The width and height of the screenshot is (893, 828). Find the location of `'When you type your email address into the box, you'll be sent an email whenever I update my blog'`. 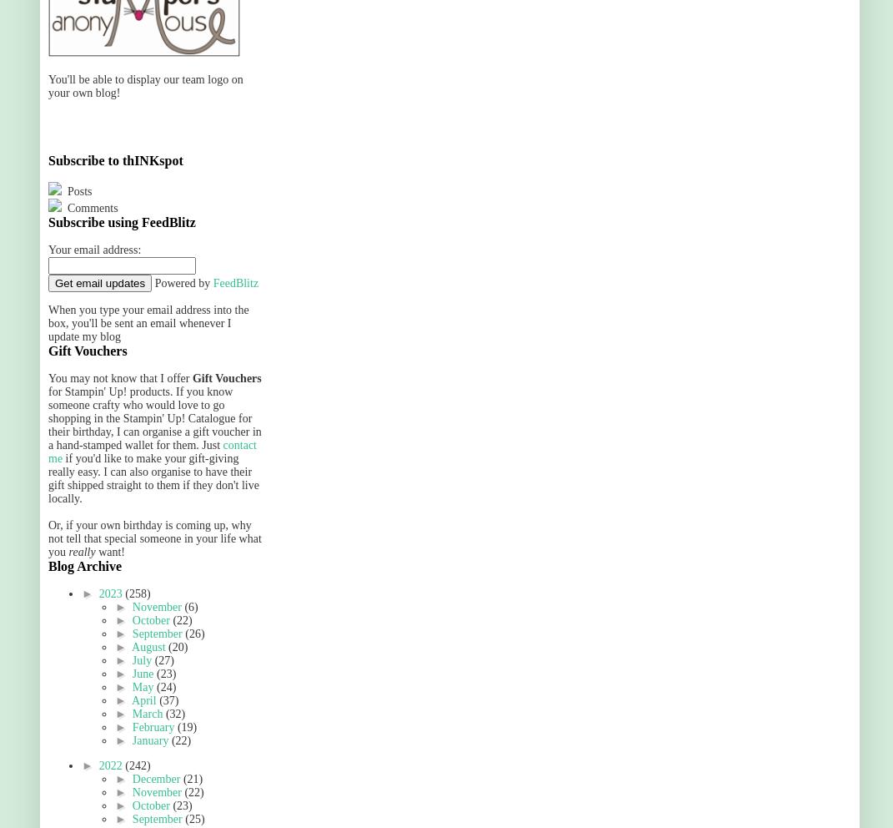

'When you type your email address into the box, you'll be sent an email whenever I update my blog' is located at coordinates (148, 323).